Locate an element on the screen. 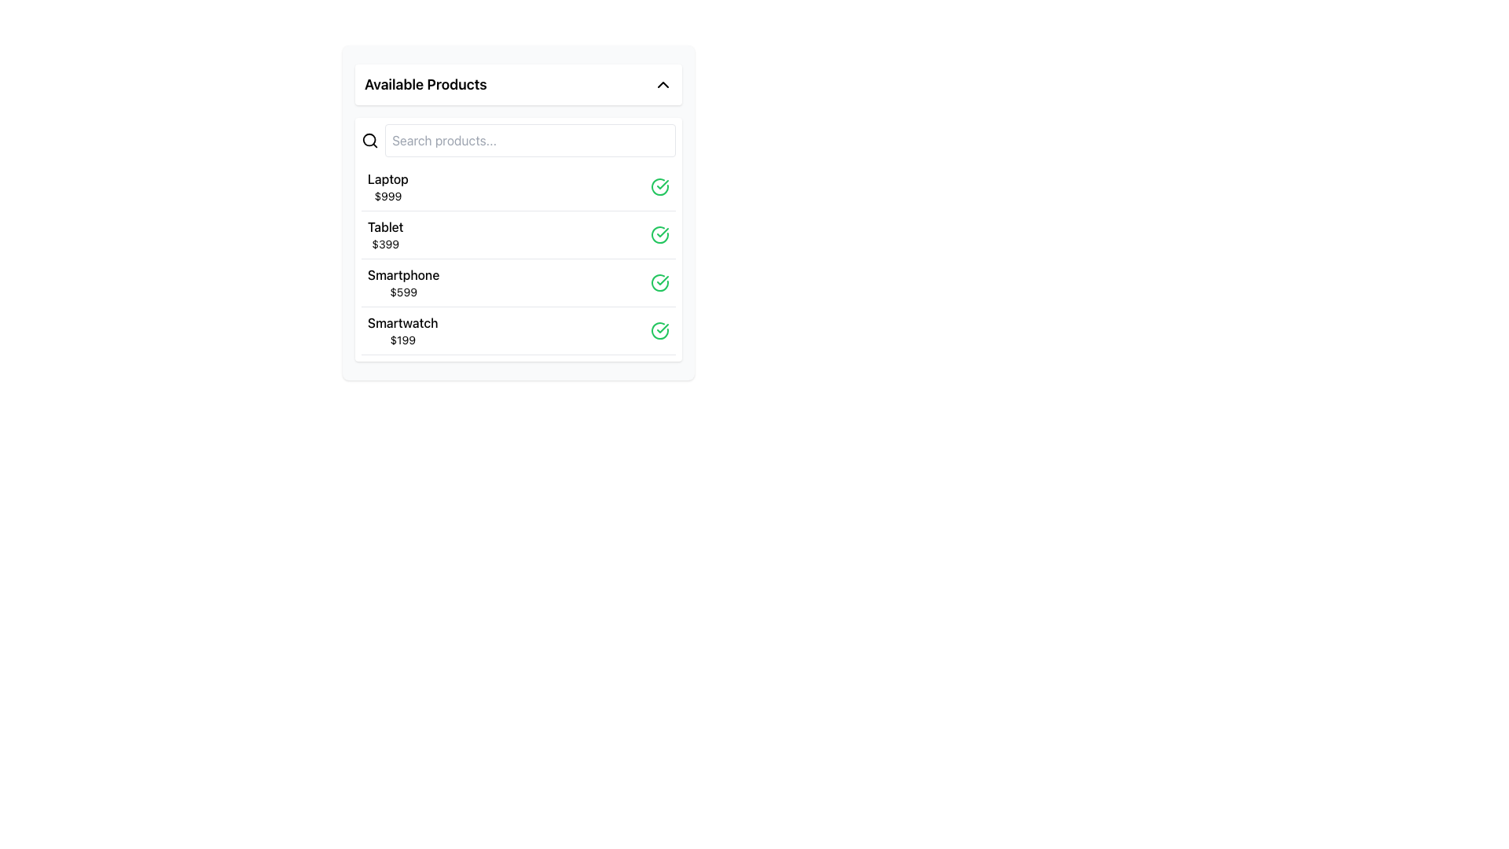  the 'Smartwatch' text element displaying the price '$199' in a vertical stack format, located as the fourth entry in the product list is located at coordinates (402, 329).